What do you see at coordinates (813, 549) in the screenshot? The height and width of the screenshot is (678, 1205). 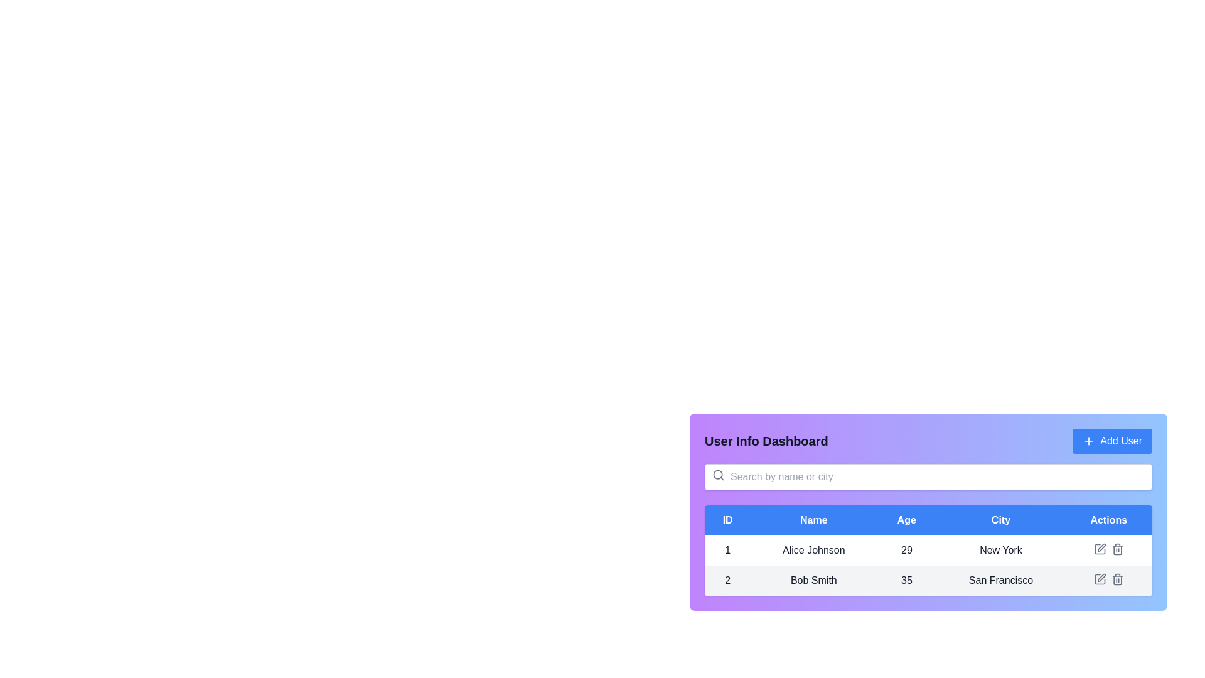 I see `text content of the user name in the second cell of the first row of the user information table, which is under the 'Name' column` at bounding box center [813, 549].